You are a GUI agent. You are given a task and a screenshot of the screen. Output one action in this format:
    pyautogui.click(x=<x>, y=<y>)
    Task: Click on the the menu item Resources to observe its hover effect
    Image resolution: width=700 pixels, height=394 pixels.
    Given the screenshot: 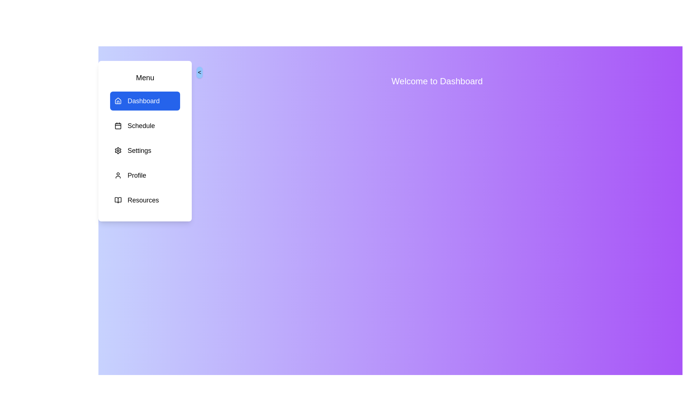 What is the action you would take?
    pyautogui.click(x=145, y=200)
    